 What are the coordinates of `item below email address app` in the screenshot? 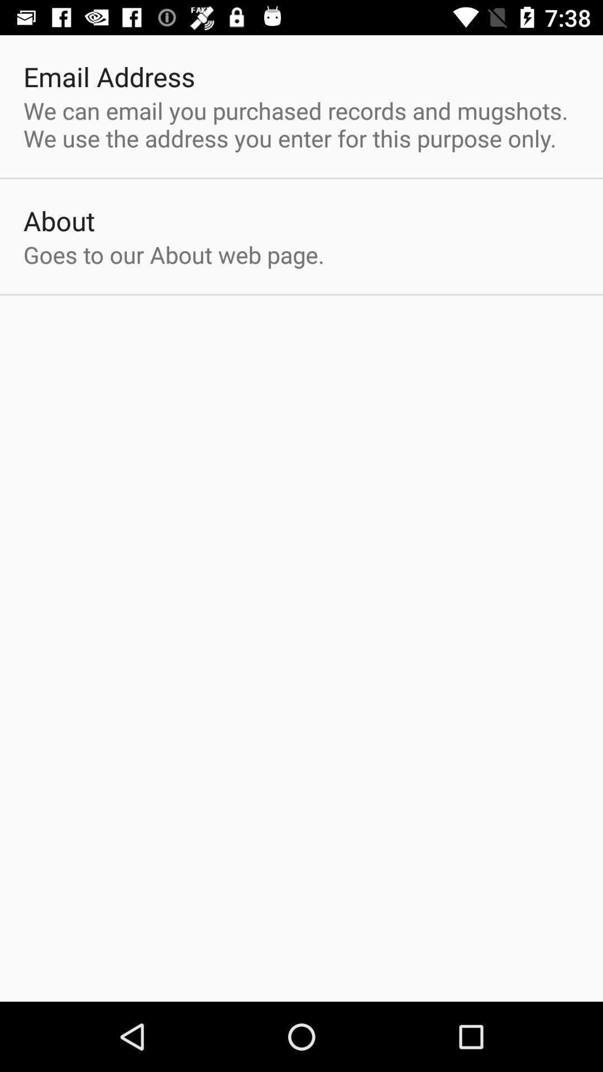 It's located at (301, 124).